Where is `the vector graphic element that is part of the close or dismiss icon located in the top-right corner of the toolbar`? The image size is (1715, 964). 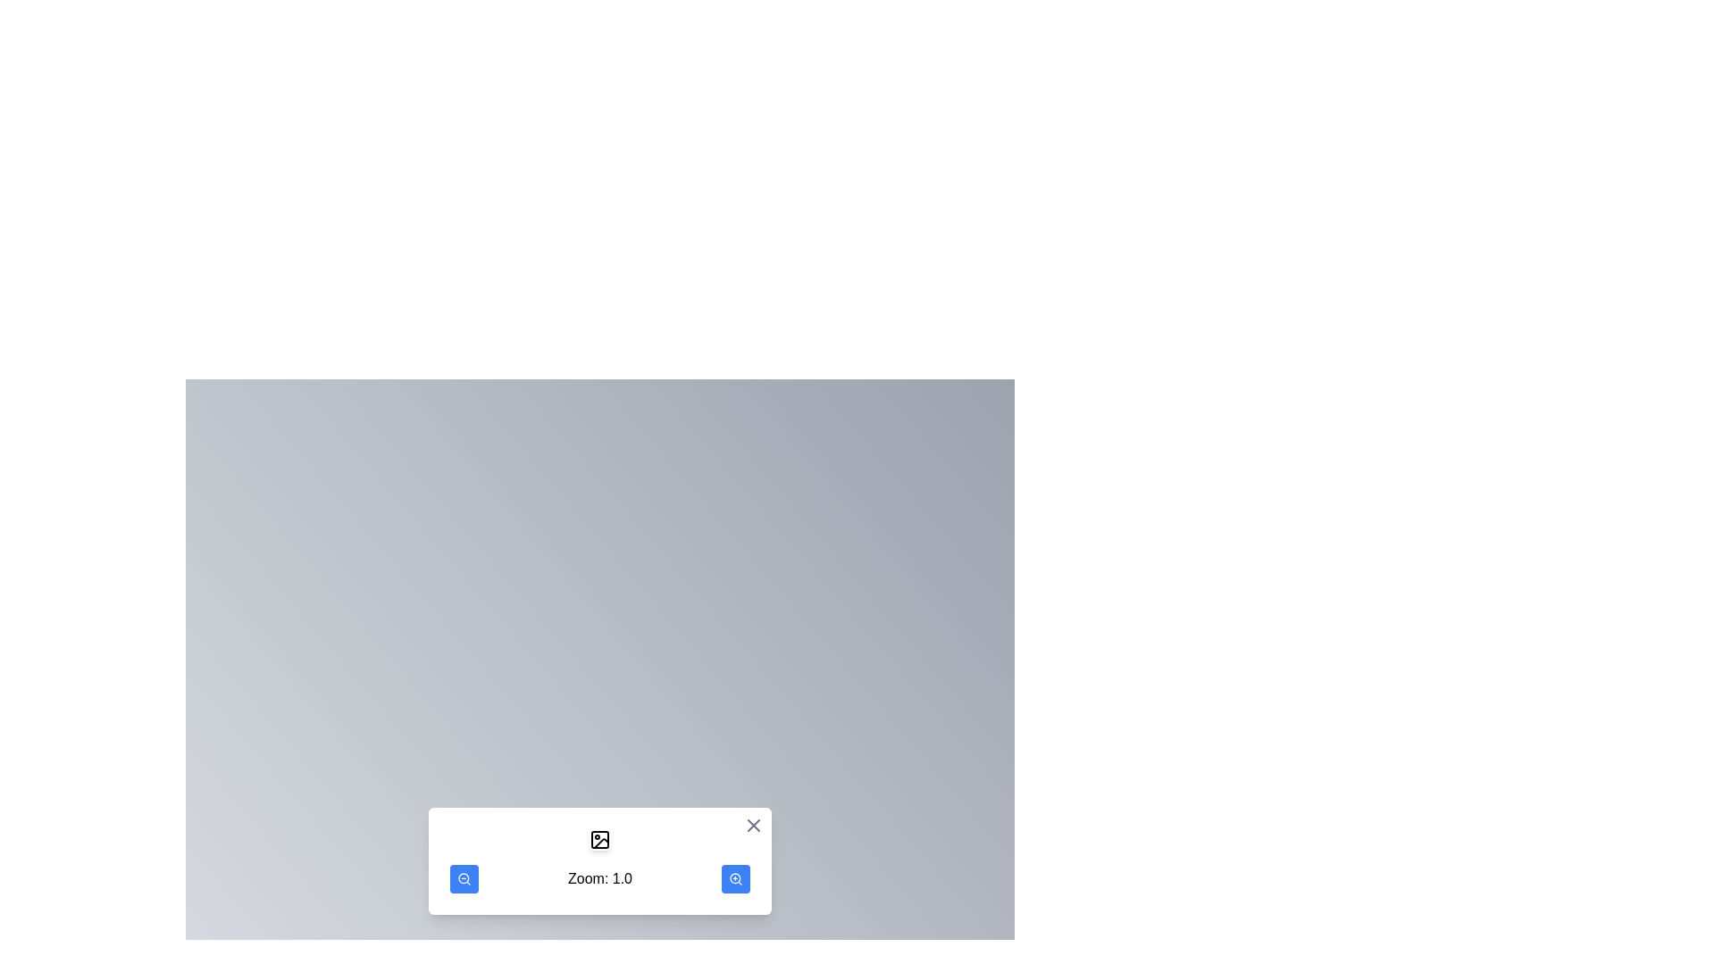
the vector graphic element that is part of the close or dismiss icon located in the top-right corner of the toolbar is located at coordinates (754, 826).